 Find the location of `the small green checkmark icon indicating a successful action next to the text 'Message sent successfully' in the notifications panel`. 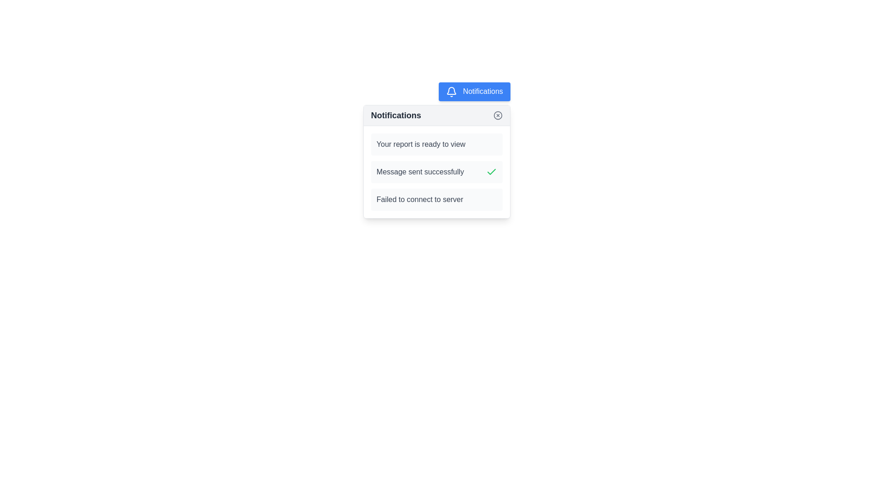

the small green checkmark icon indicating a successful action next to the text 'Message sent successfully' in the notifications panel is located at coordinates (491, 172).